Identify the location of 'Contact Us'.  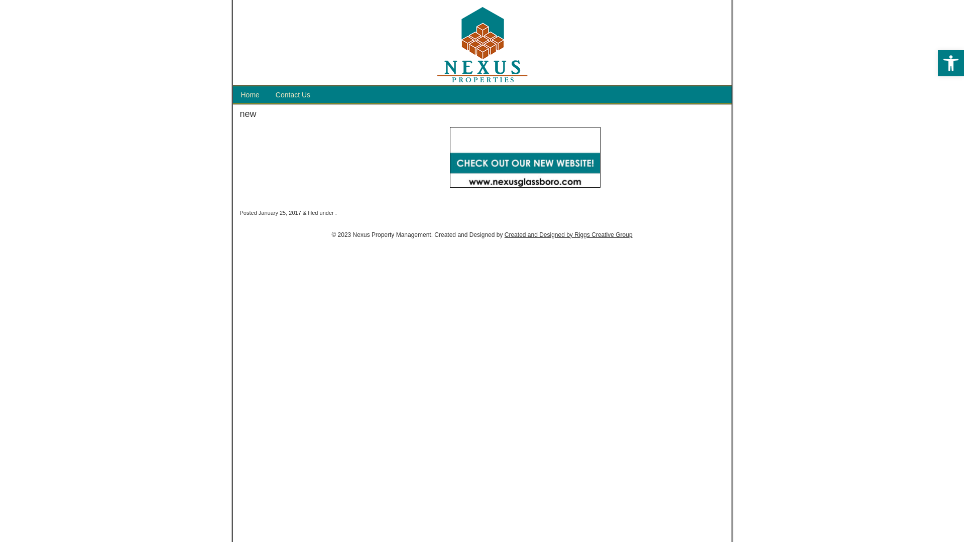
(267, 95).